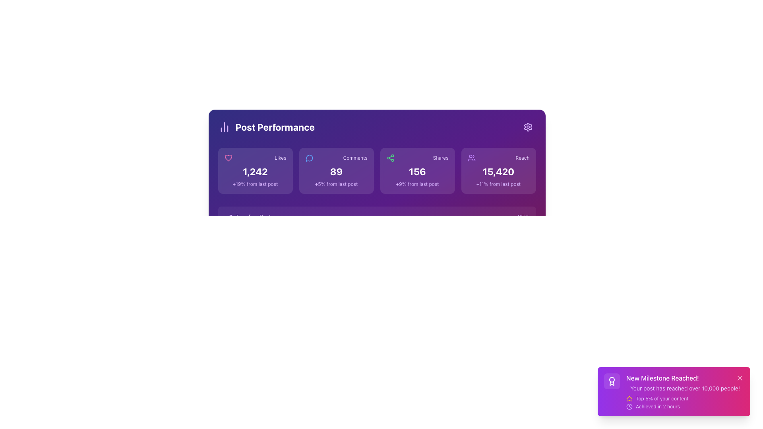 This screenshot has width=763, height=429. What do you see at coordinates (629, 398) in the screenshot?
I see `the star-shaped icon with a yellow outline, which is located to the left of the text 'Top 5% of your content' in the notification panel` at bounding box center [629, 398].